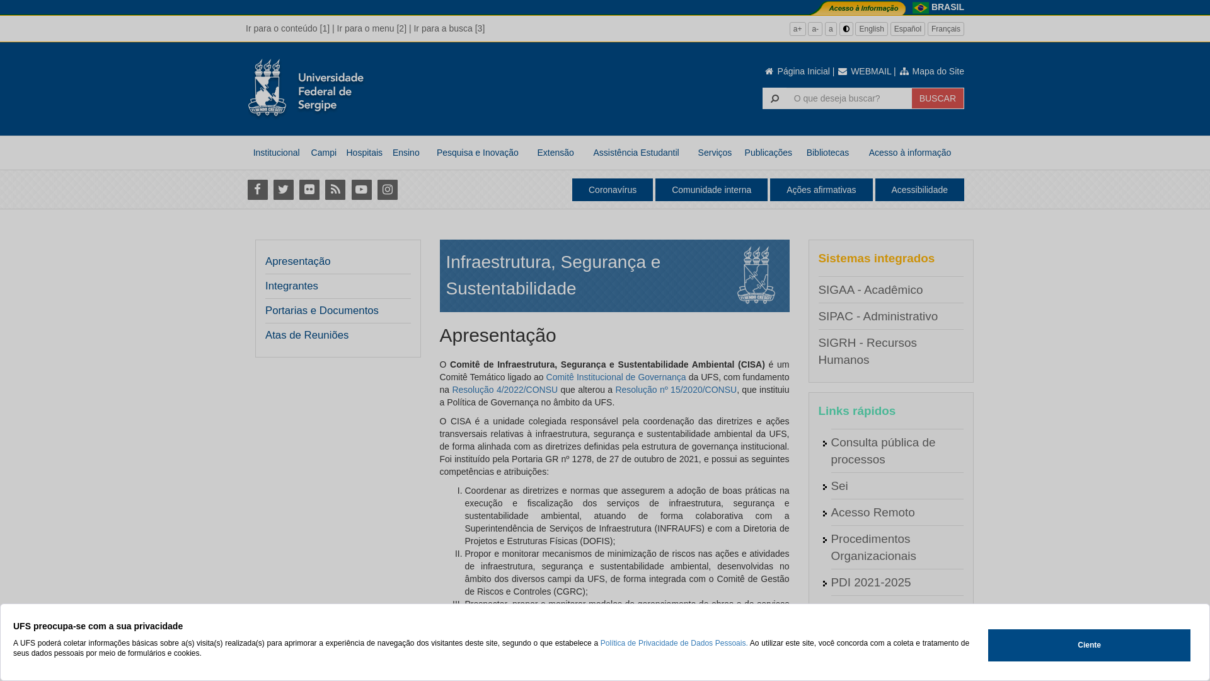 This screenshot has height=681, width=1210. What do you see at coordinates (872, 512) in the screenshot?
I see `'Acesso Remoto'` at bounding box center [872, 512].